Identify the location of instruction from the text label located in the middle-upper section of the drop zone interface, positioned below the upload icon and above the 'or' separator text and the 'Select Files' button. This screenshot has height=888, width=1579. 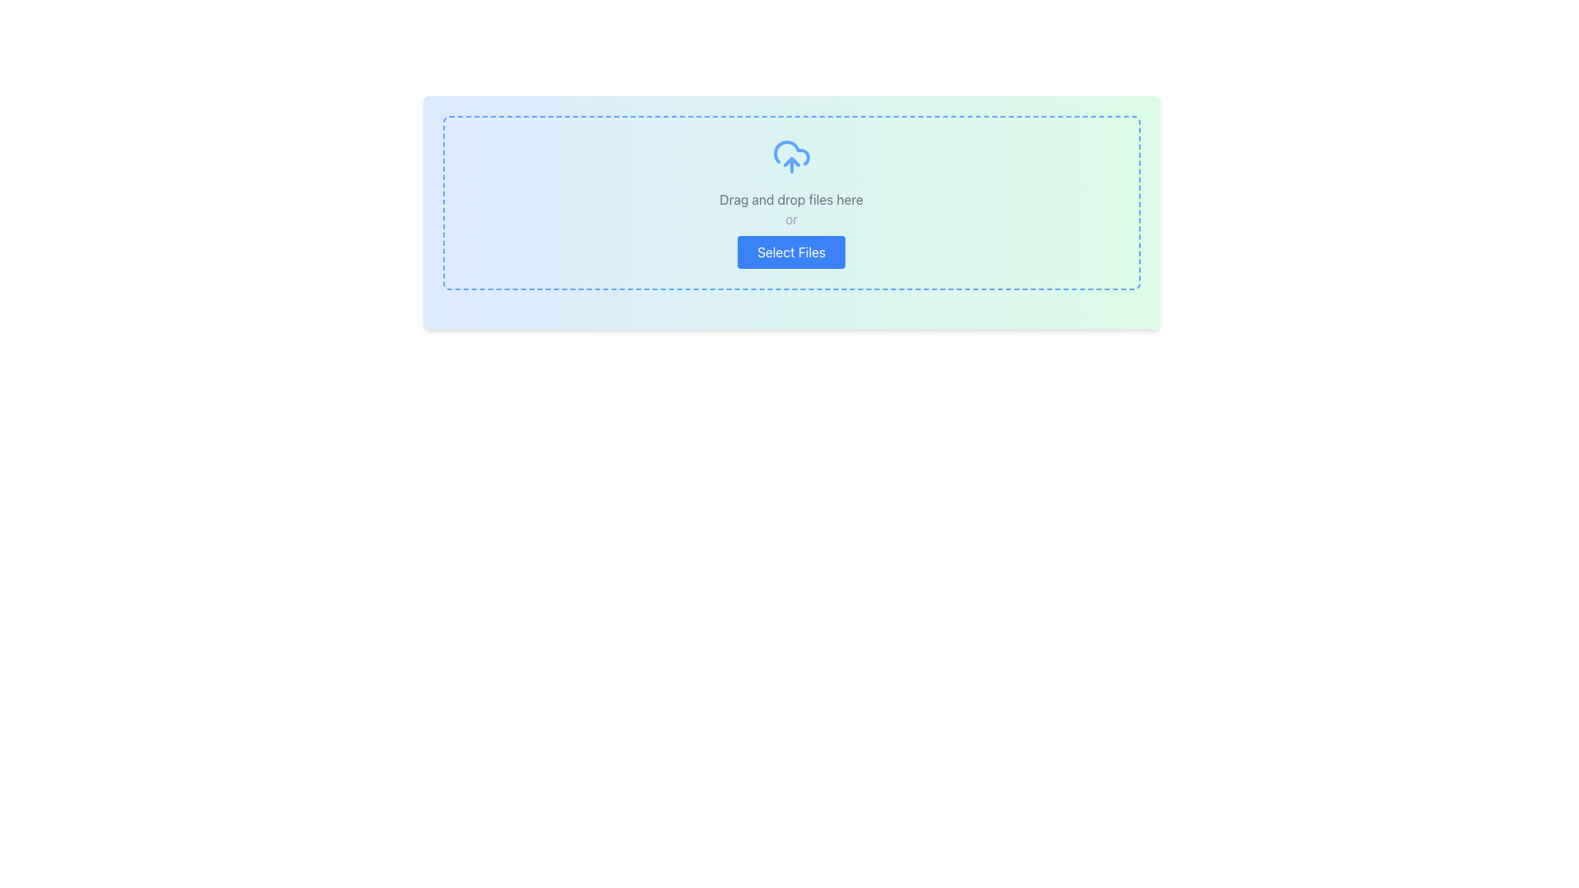
(791, 199).